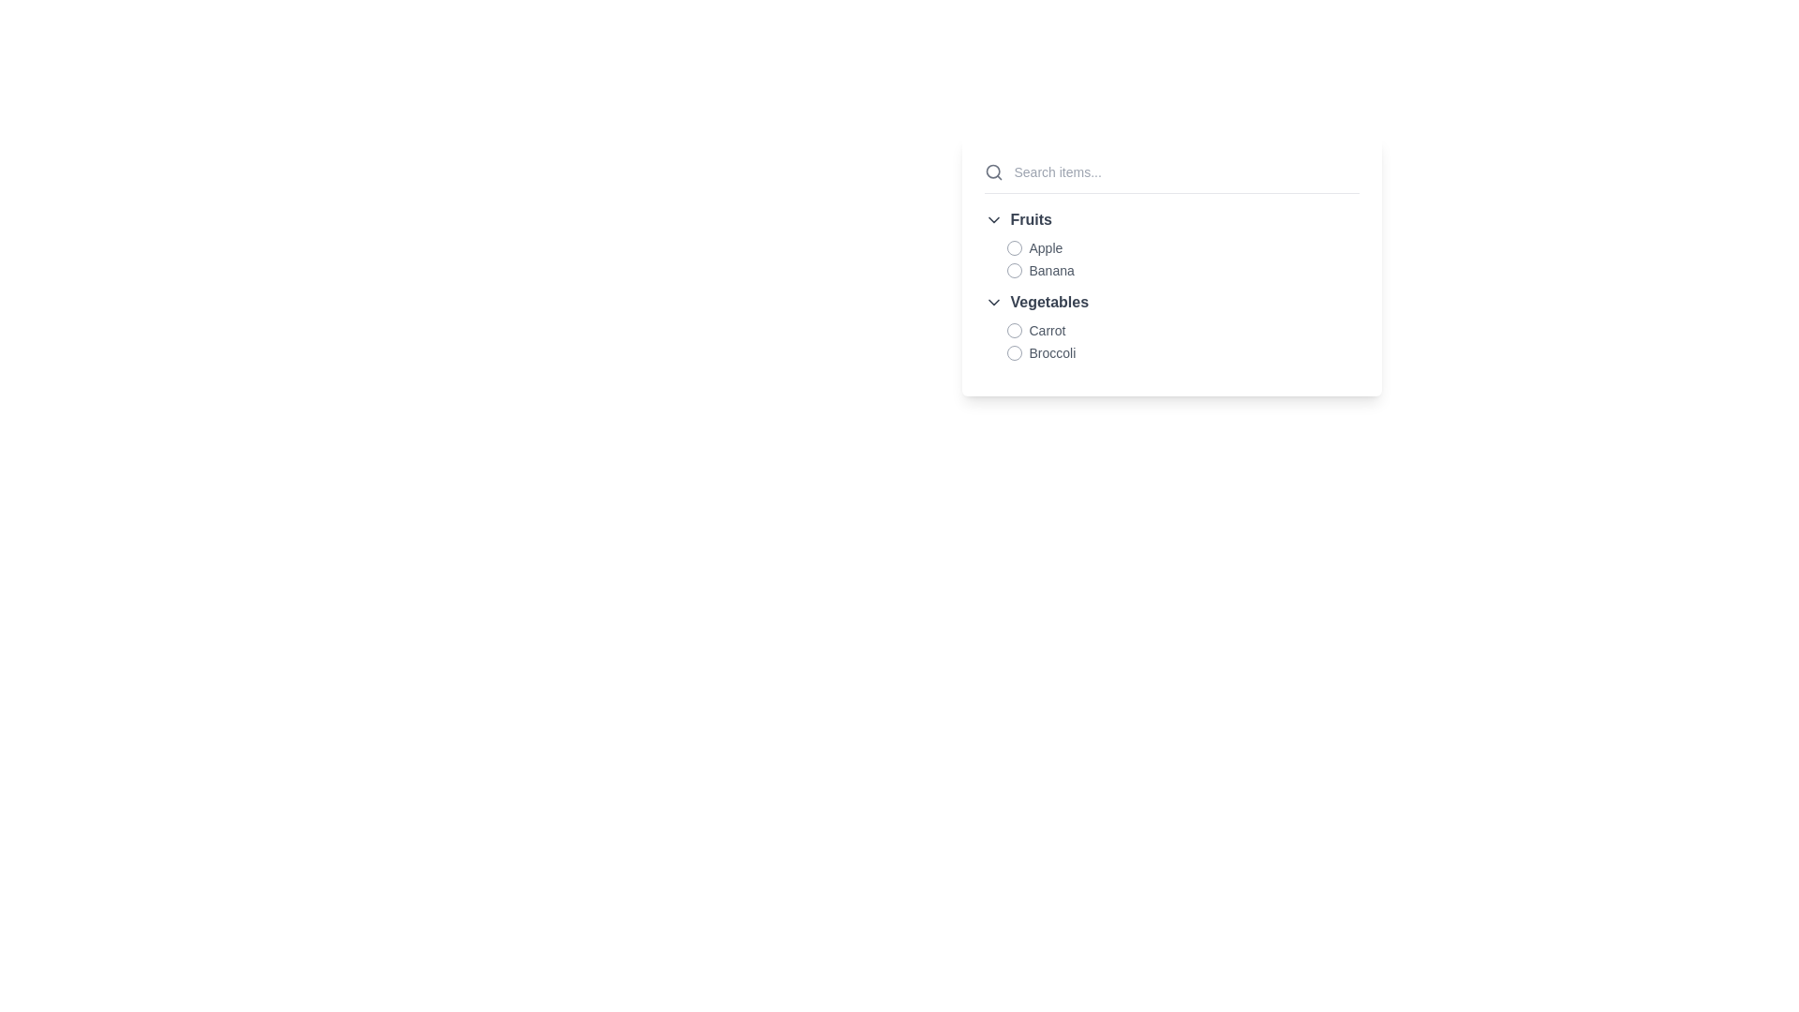 This screenshot has height=1012, width=1799. What do you see at coordinates (1182, 353) in the screenshot?
I see `the 'Broccoli' radio button option, which is the second item in the 'Vegetables' category, located underneath 'Carrot'` at bounding box center [1182, 353].